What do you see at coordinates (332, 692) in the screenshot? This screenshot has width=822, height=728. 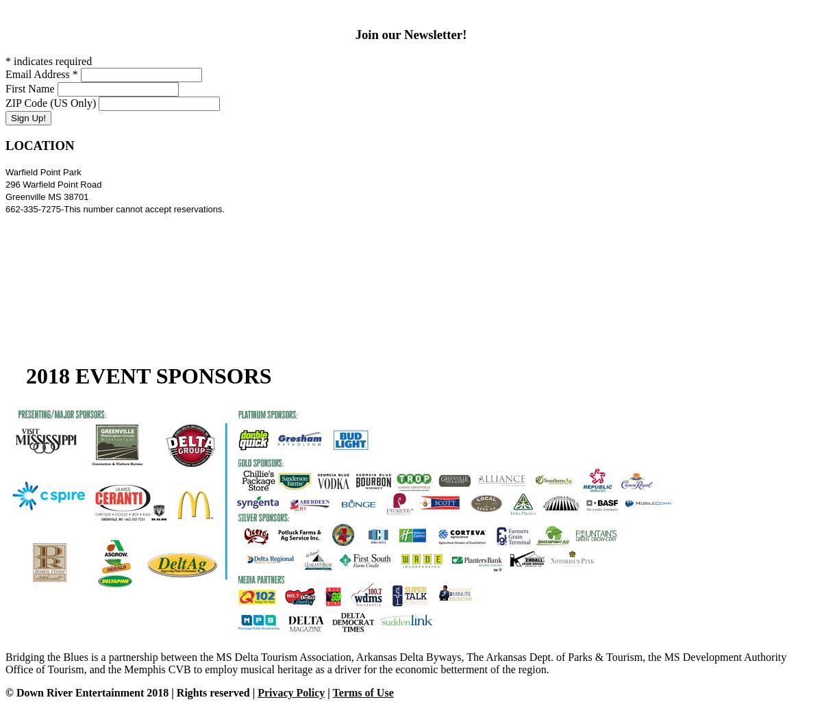 I see `'Terms of Use'` at bounding box center [332, 692].